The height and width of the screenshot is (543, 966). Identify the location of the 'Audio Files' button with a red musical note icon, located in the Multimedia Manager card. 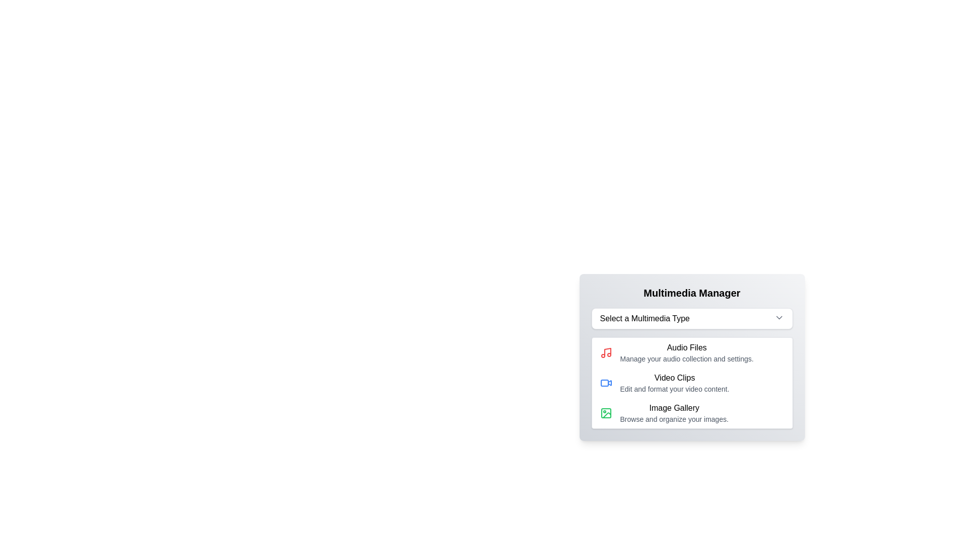
(691, 352).